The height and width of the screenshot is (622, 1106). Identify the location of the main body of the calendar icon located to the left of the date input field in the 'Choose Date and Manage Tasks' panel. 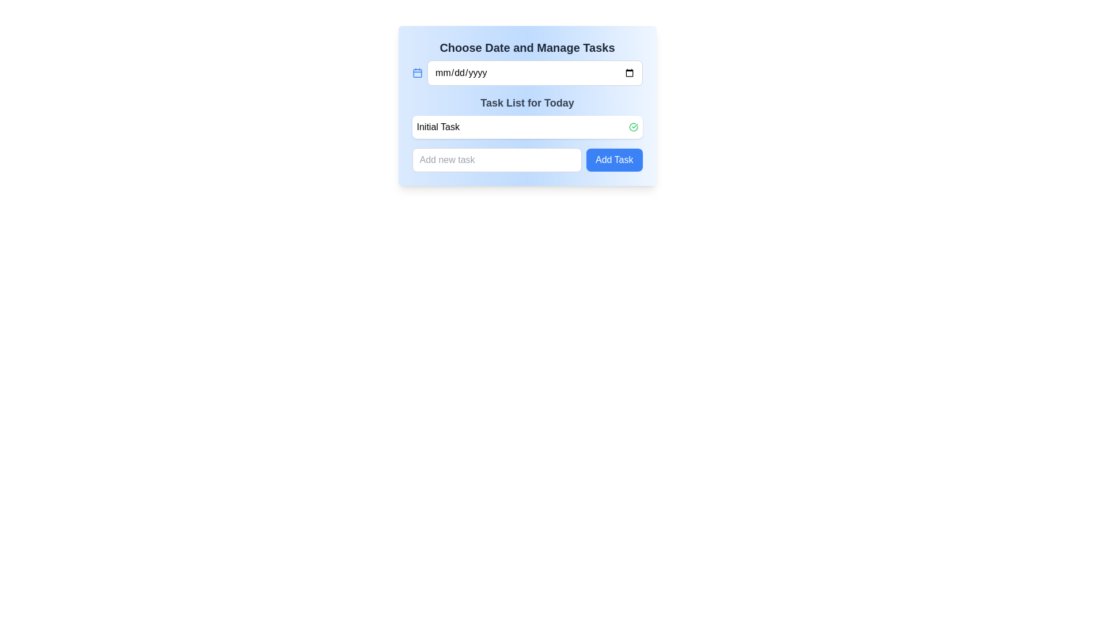
(416, 73).